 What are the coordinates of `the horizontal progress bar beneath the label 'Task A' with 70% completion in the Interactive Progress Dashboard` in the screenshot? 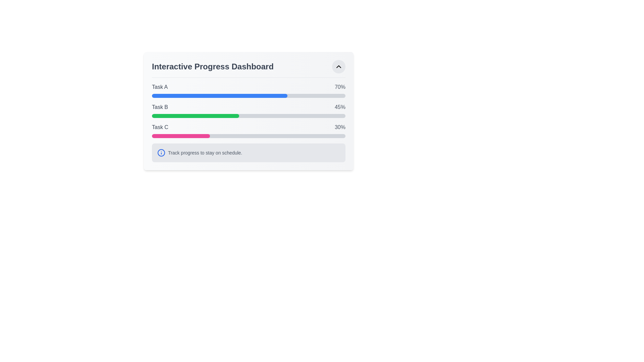 It's located at (248, 96).